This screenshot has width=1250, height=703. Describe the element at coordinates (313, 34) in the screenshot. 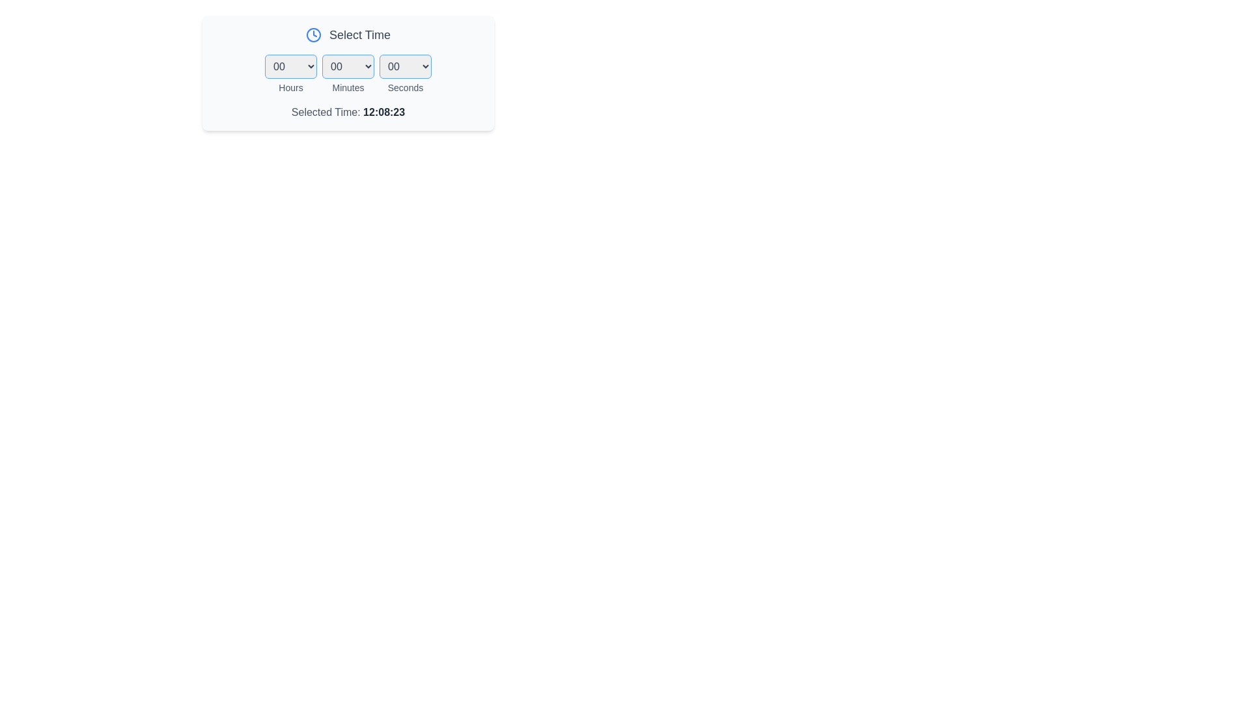

I see `the circular part of the clock icon located in the top left corner of the 'Select Time' section, which is part of the visual representation for time selection` at that location.